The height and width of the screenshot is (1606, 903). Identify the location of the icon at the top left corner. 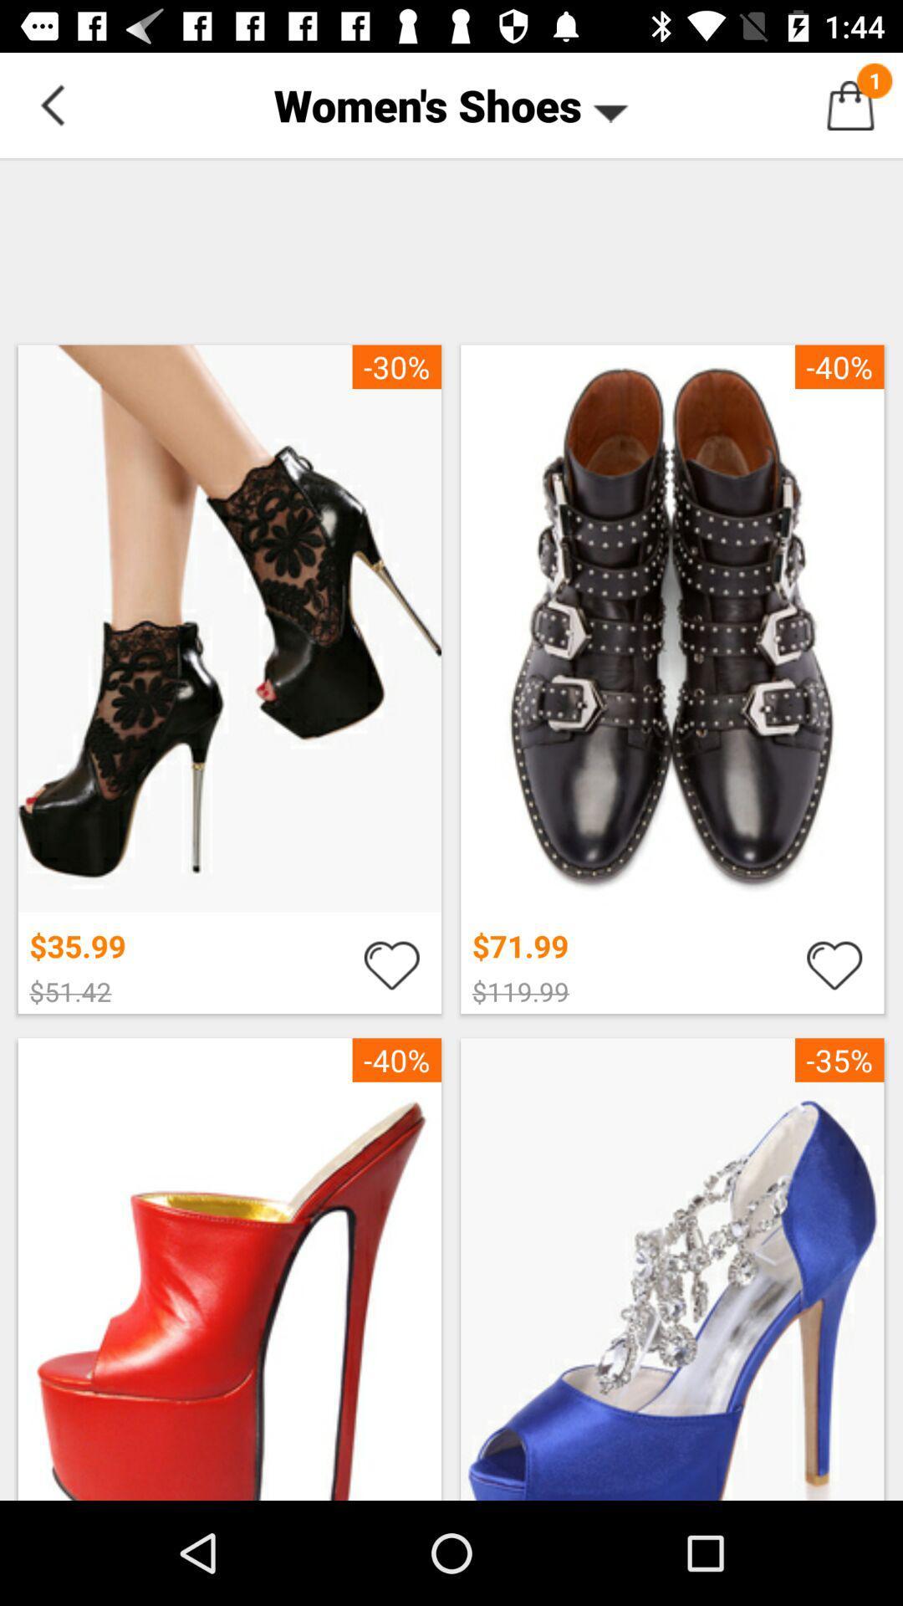
(51, 104).